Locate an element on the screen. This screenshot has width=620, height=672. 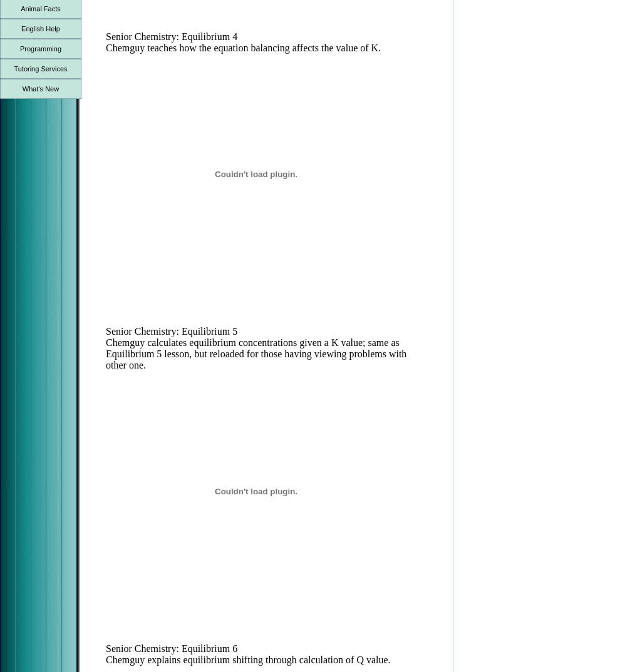
'Senior Chemistry: Equilibrium 4' is located at coordinates (172, 36).